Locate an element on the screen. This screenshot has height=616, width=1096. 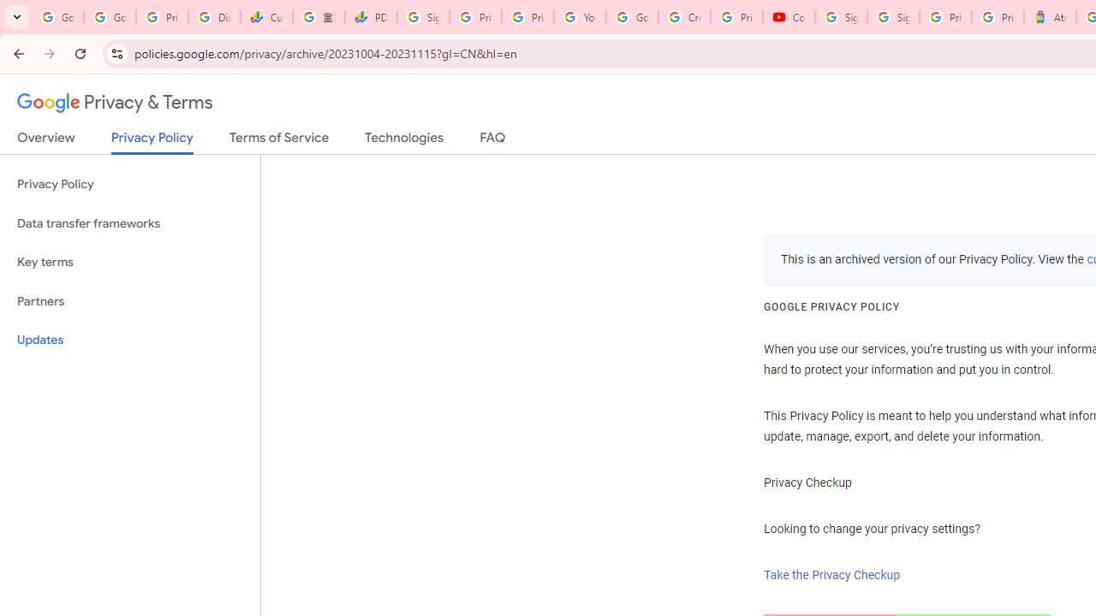
'Google Workspace Admin Community' is located at coordinates (57, 17).